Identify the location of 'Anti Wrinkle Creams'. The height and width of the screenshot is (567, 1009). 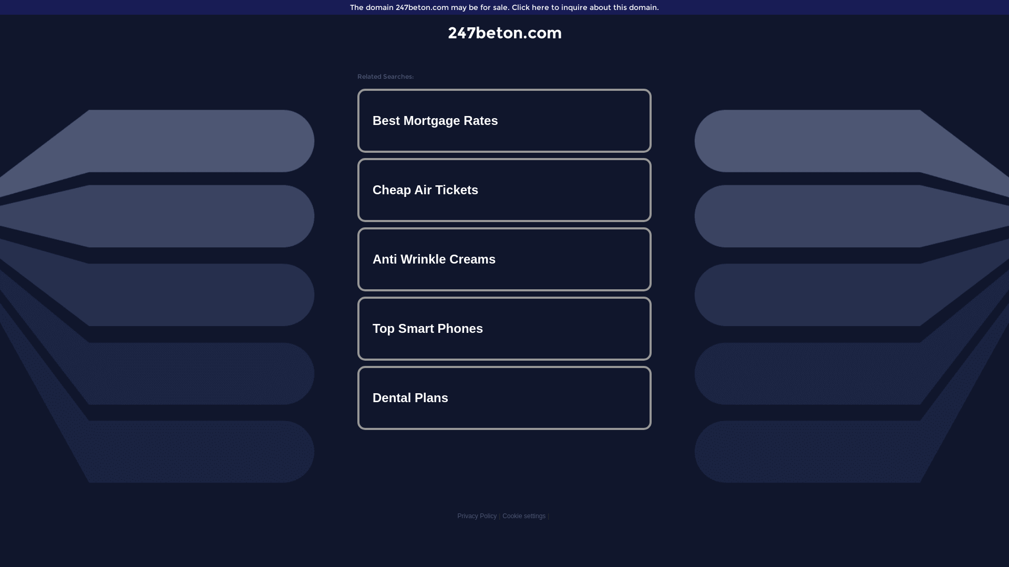
(504, 259).